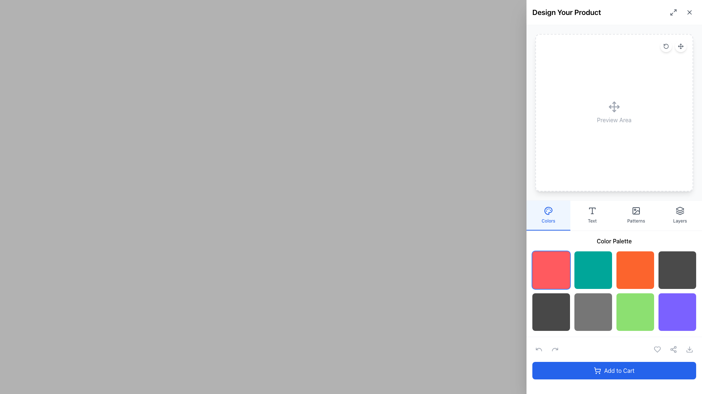  Describe the element at coordinates (673, 349) in the screenshot. I see `the network/share icon located in the bottom-right corner of the interface, directly to the right of the heart-shaped icon` at that location.